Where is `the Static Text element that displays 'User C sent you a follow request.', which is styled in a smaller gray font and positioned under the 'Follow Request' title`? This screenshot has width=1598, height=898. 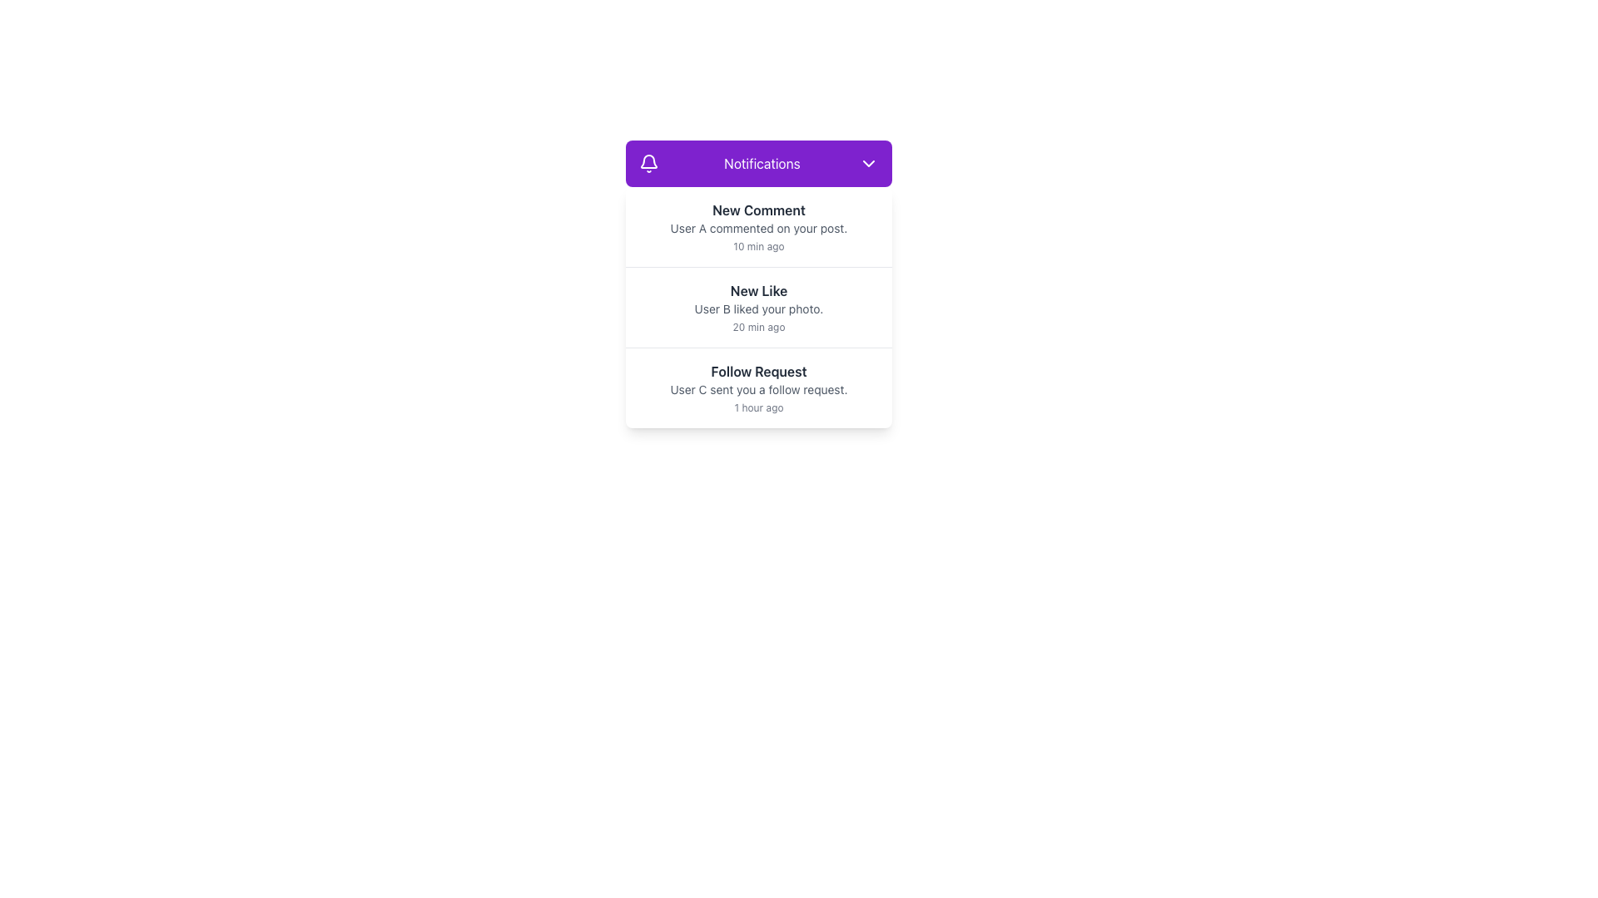 the Static Text element that displays 'User C sent you a follow request.', which is styled in a smaller gray font and positioned under the 'Follow Request' title is located at coordinates (758, 390).